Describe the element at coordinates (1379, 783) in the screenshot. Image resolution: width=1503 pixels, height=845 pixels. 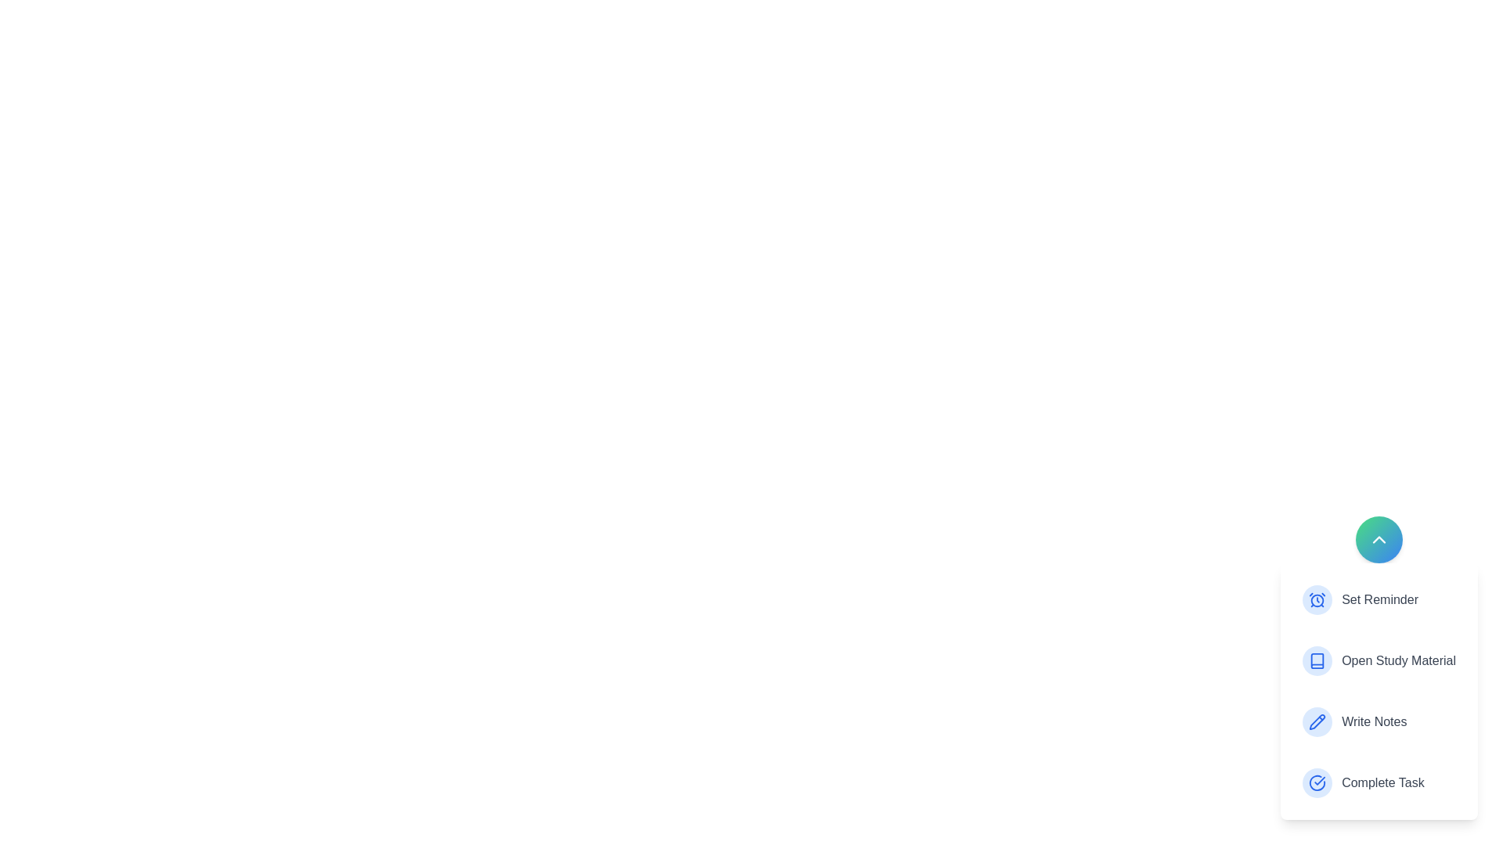
I see `the action Complete Task from the menu` at that location.